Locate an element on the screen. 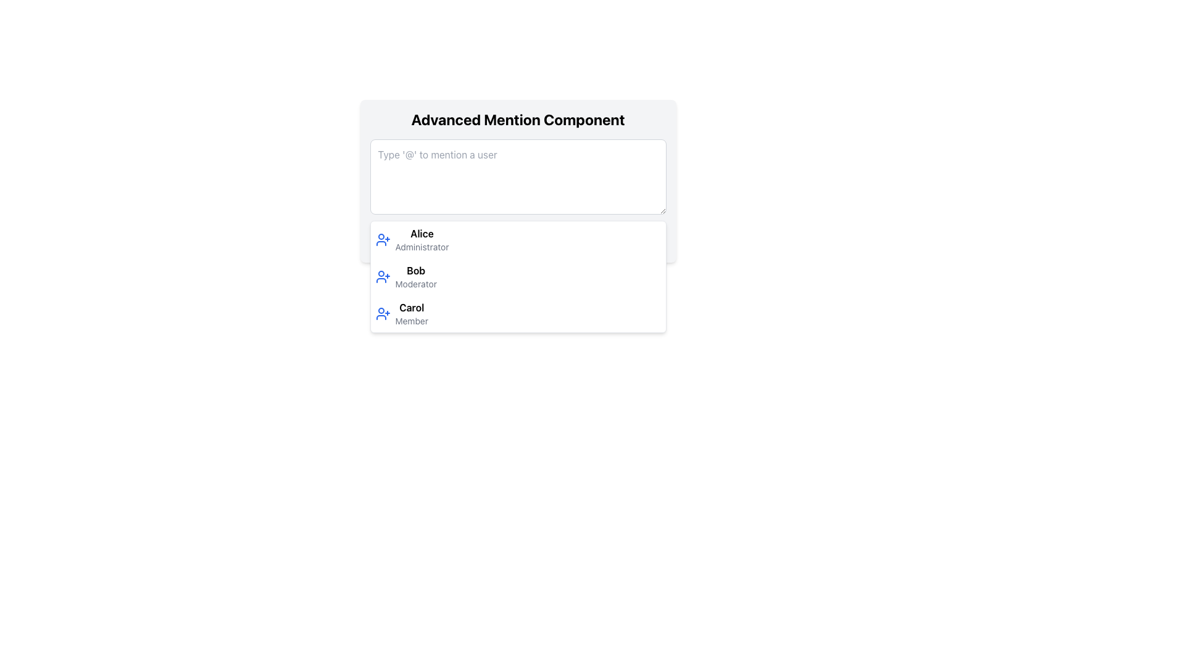  the user silhouette icon with a plus sign located to the left of the name 'Alice Administrator' in the dropdown list is located at coordinates (382, 240).